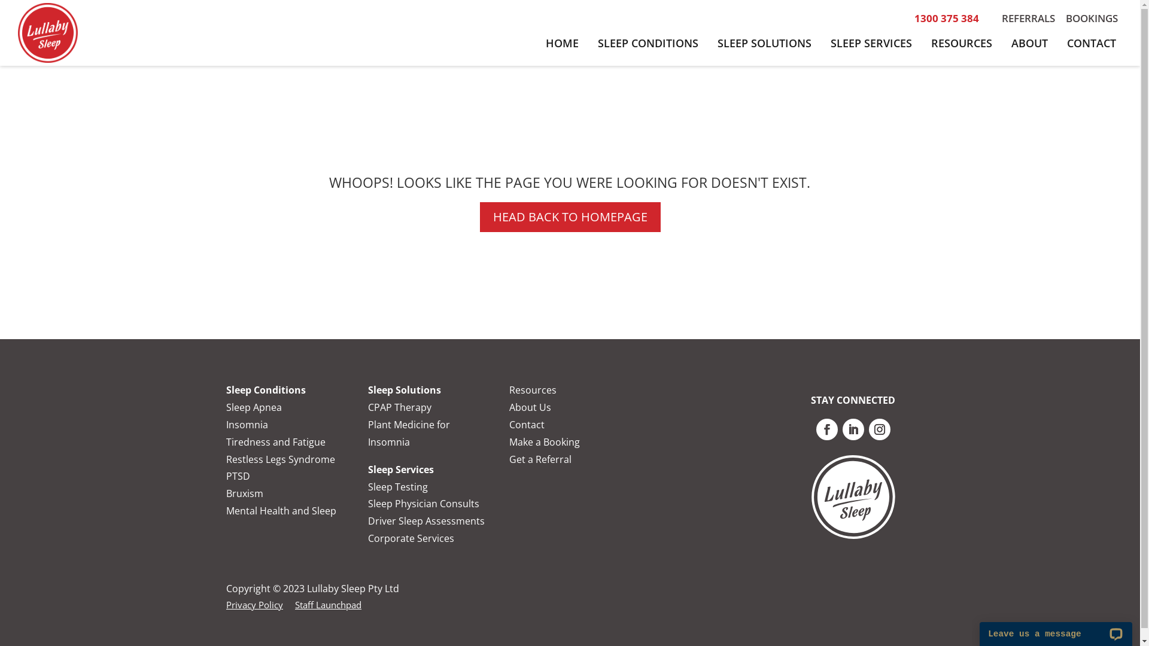 This screenshot has height=646, width=1149. Describe the element at coordinates (409, 433) in the screenshot. I see `'Plant Medicine for Insomnia'` at that location.